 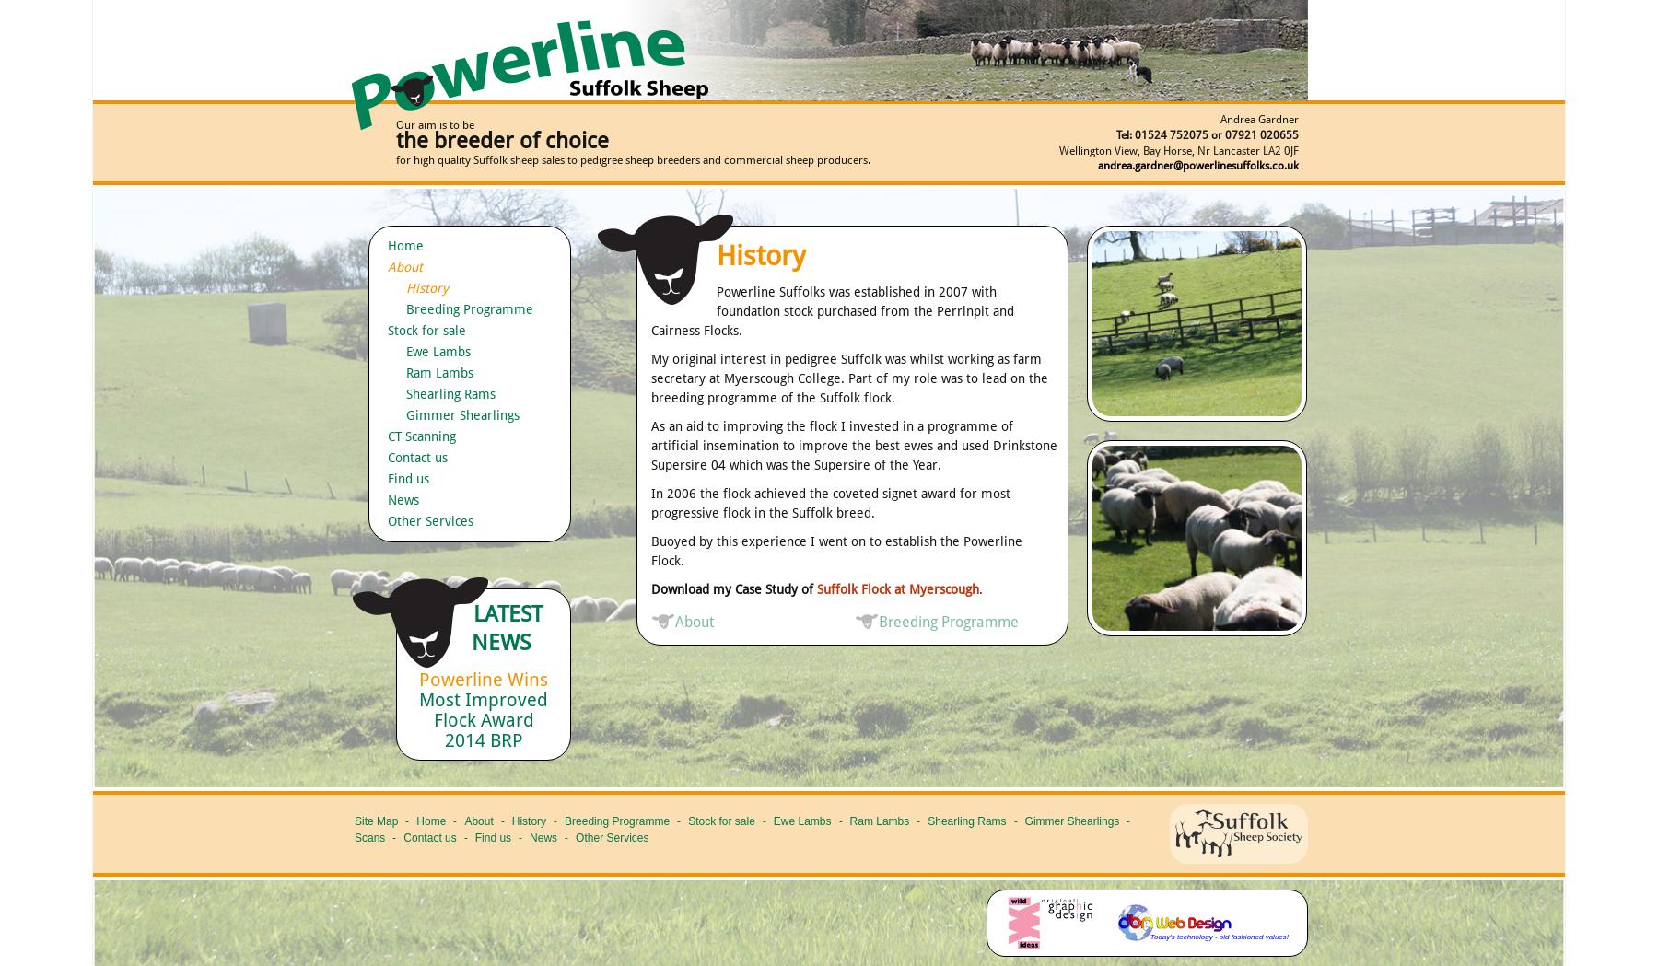 I want to click on 'As an aid to improving the flock I invested in a programme of artificial insemination to improve the best ewes and used Drinkstone Supersire 04 which was the Supersire of the Year.', so click(x=650, y=446).